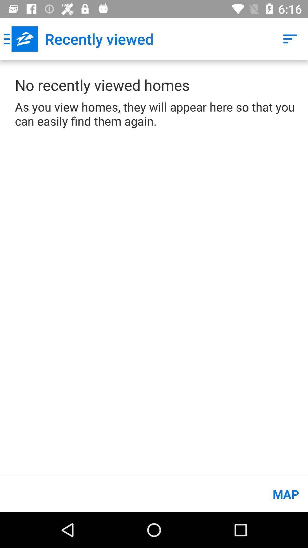 This screenshot has height=548, width=308. What do you see at coordinates (290, 39) in the screenshot?
I see `the icon at the top right corner` at bounding box center [290, 39].